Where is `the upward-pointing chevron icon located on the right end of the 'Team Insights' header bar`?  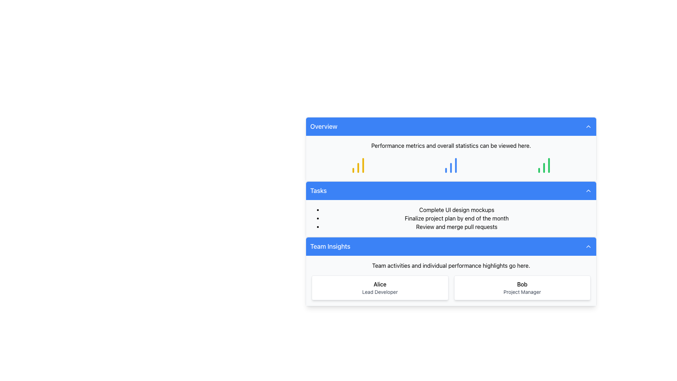
the upward-pointing chevron icon located on the right end of the 'Team Insights' header bar is located at coordinates (588, 246).